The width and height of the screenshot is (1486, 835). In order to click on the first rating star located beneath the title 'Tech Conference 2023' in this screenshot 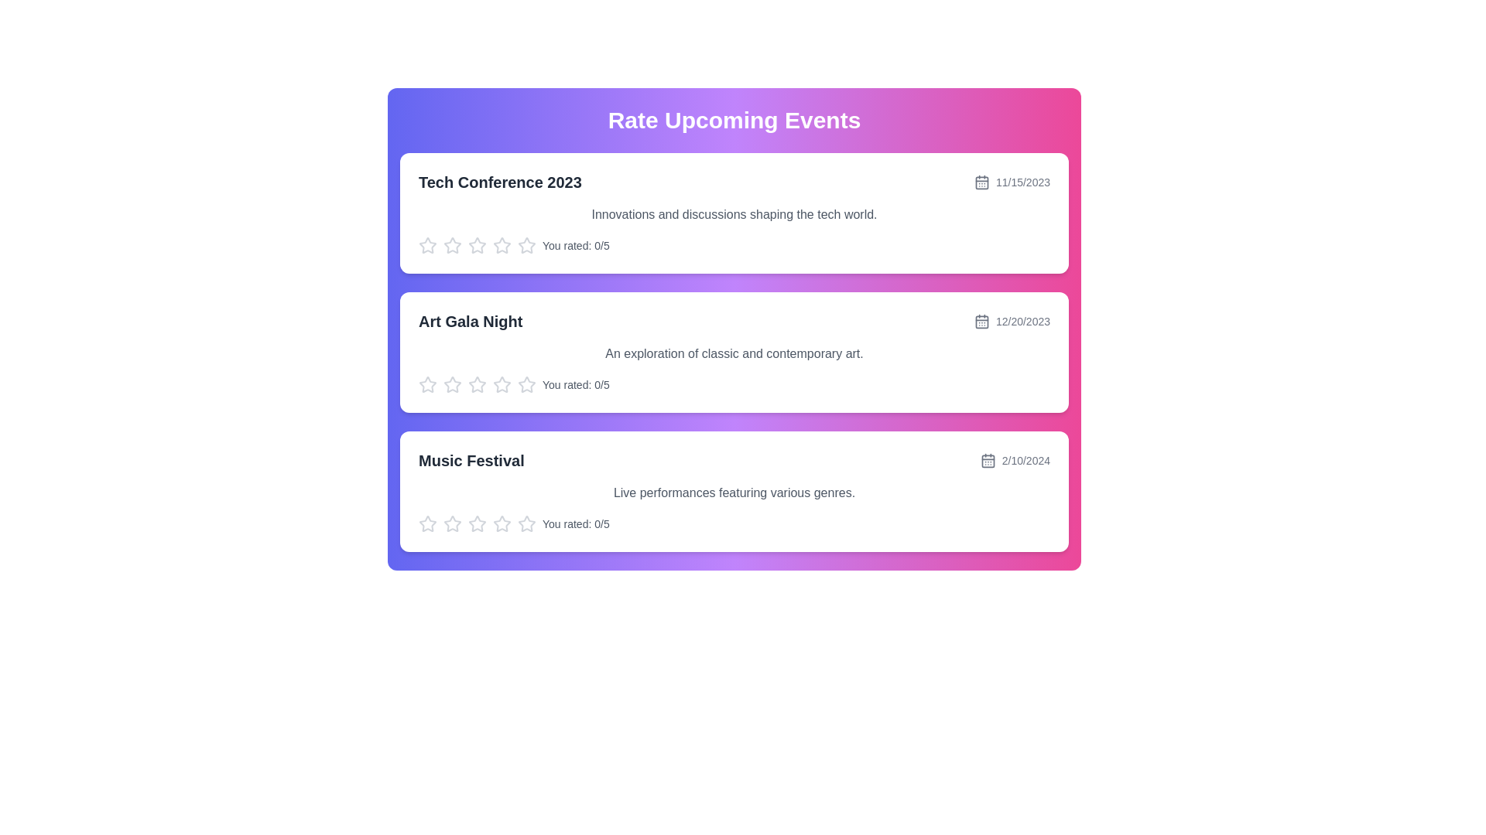, I will do `click(427, 244)`.